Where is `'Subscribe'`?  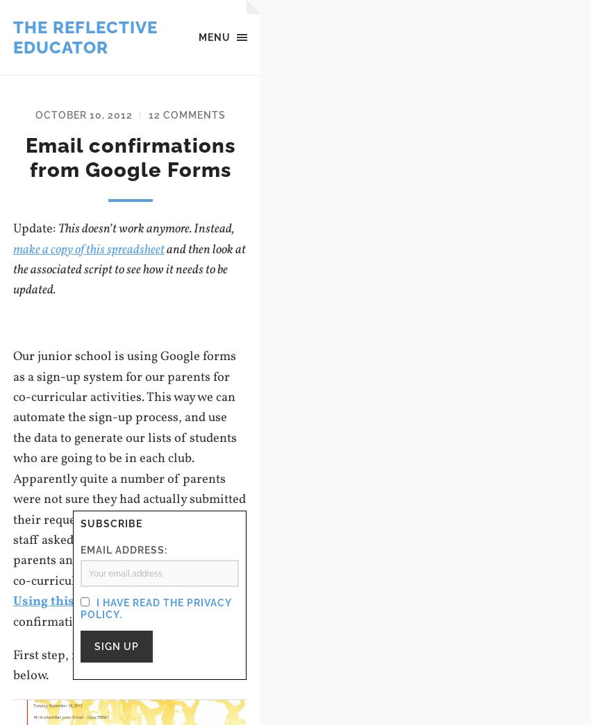 'Subscribe' is located at coordinates (110, 523).